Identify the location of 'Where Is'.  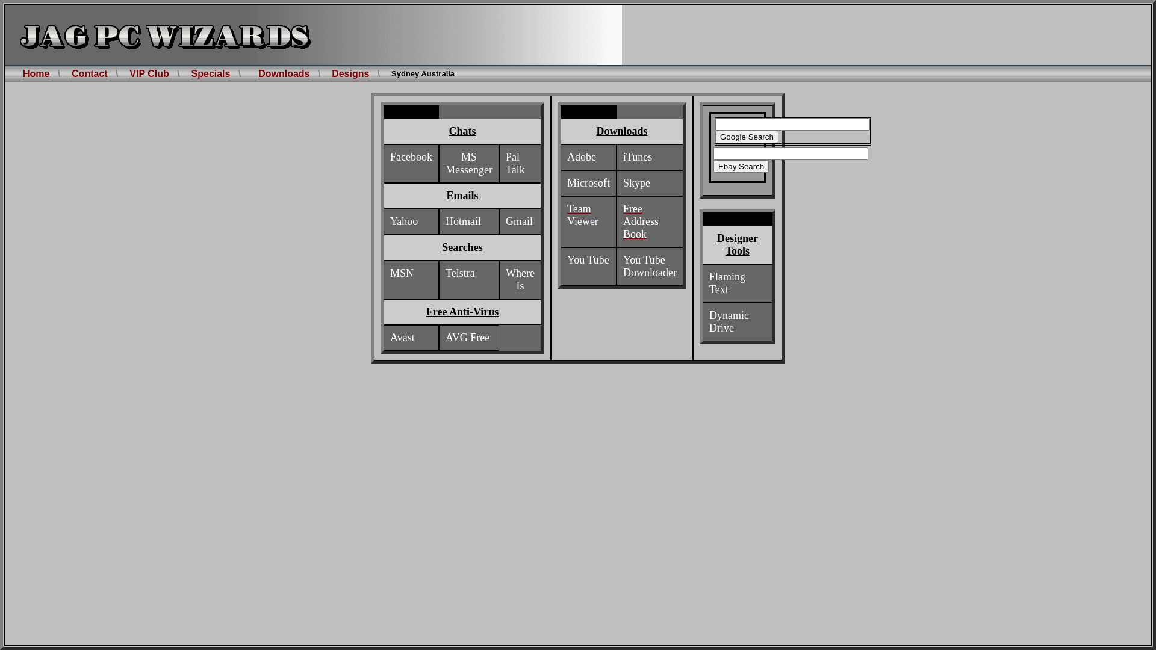
(520, 280).